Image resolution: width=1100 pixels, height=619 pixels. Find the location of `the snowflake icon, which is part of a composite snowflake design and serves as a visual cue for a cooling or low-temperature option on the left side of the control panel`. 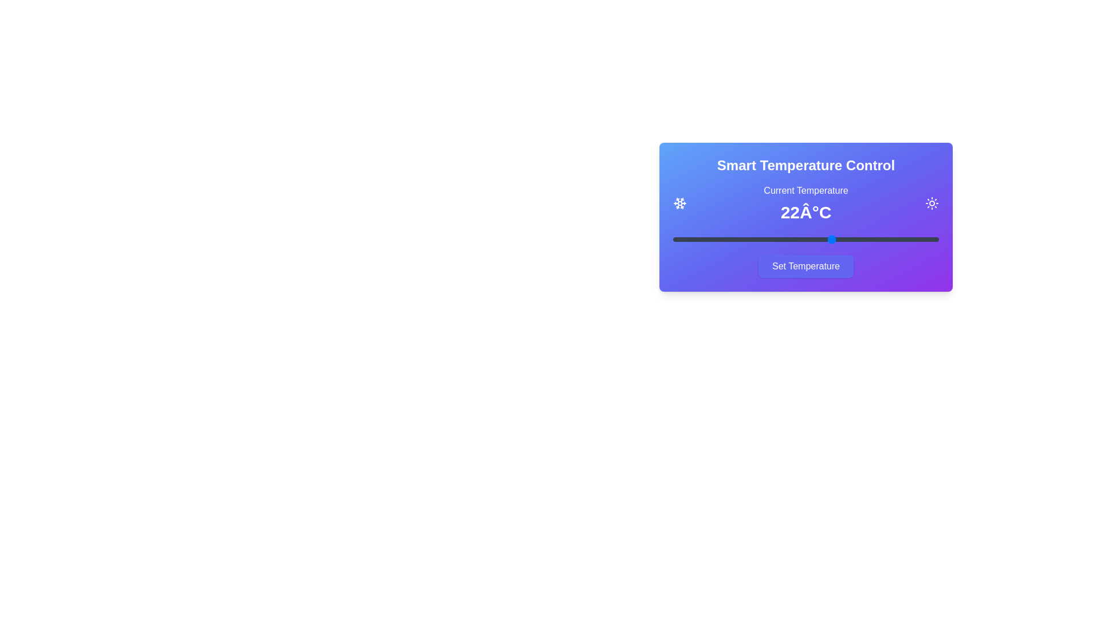

the snowflake icon, which is part of a composite snowflake design and serves as a visual cue for a cooling or low-temperature option on the left side of the control panel is located at coordinates (682, 200).